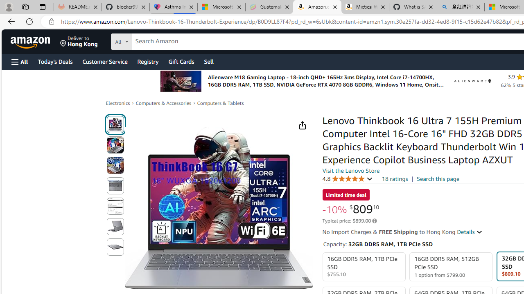  Describe the element at coordinates (152, 40) in the screenshot. I see `'Search in'` at that location.